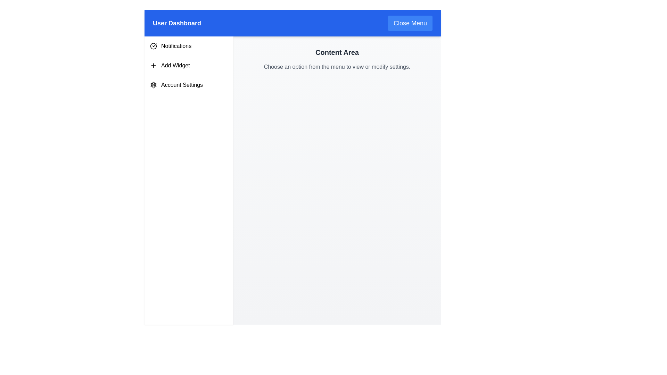 The width and height of the screenshot is (667, 375). I want to click on the 'Add Widget' button, which is the second item in a vertical list, to trigger its hover effect, so click(189, 66).